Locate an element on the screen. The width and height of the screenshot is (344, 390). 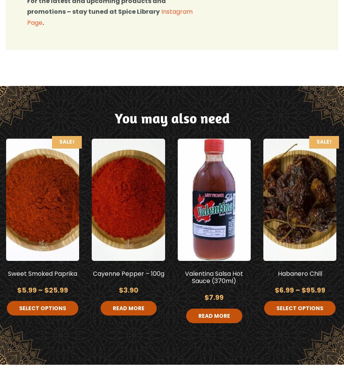
'3.90' is located at coordinates (123, 290).